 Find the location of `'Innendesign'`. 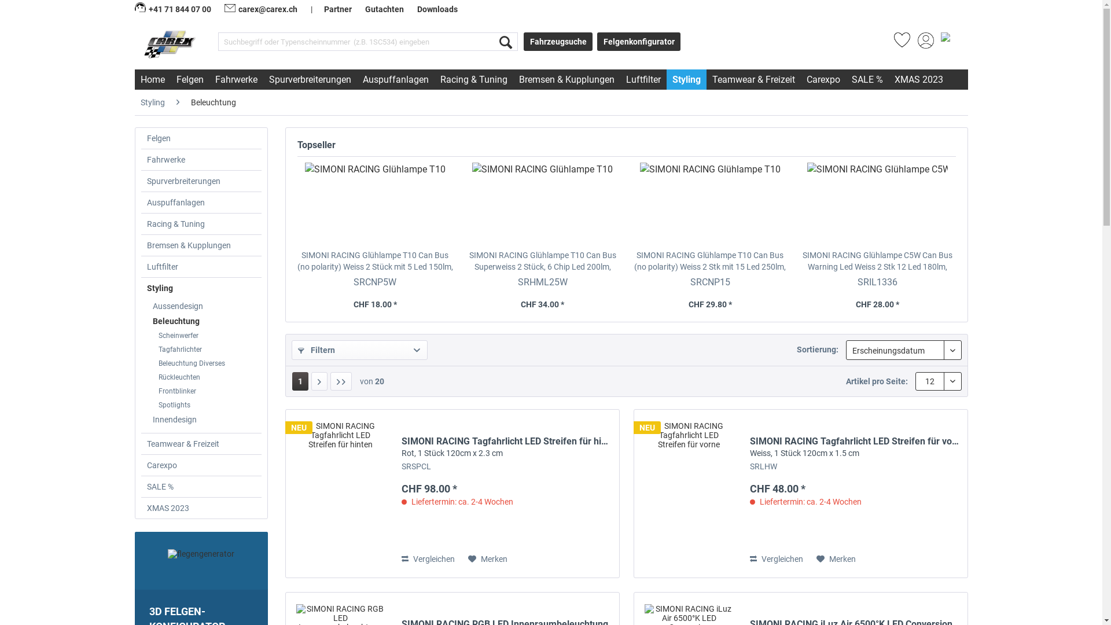

'Innendesign' is located at coordinates (204, 420).